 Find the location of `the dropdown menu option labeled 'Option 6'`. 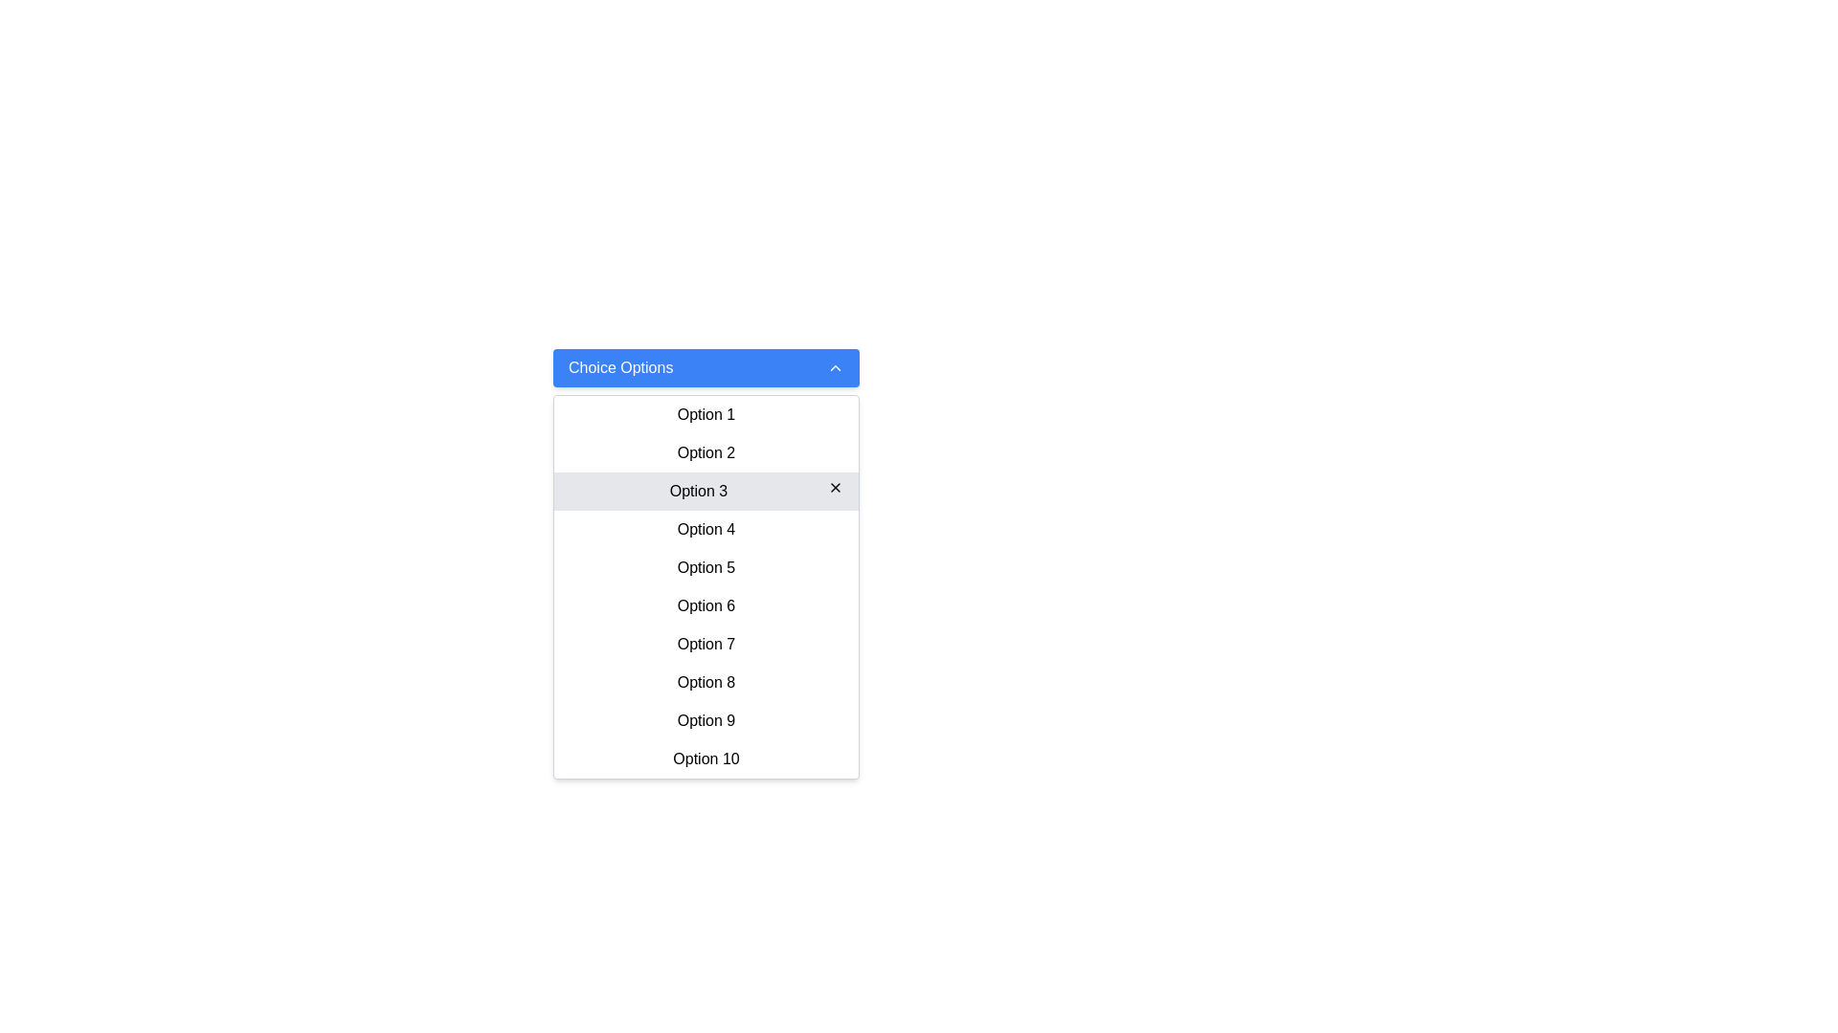

the dropdown menu option labeled 'Option 6' is located at coordinates (706, 605).